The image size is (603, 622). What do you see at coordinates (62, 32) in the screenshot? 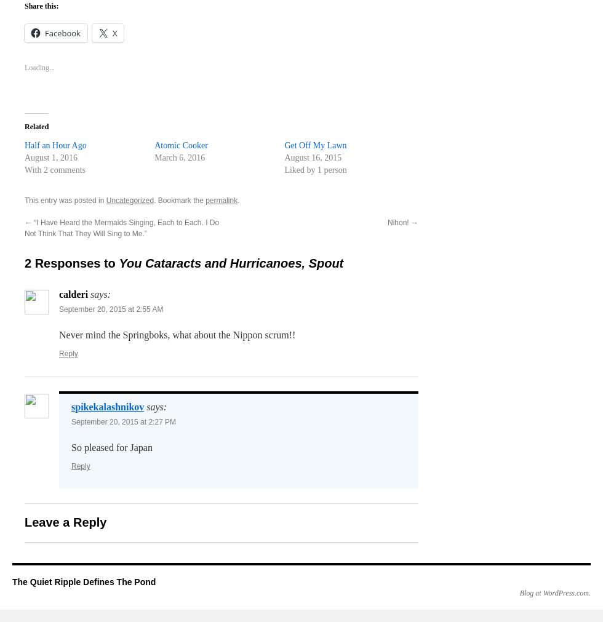
I see `'Facebook'` at bounding box center [62, 32].